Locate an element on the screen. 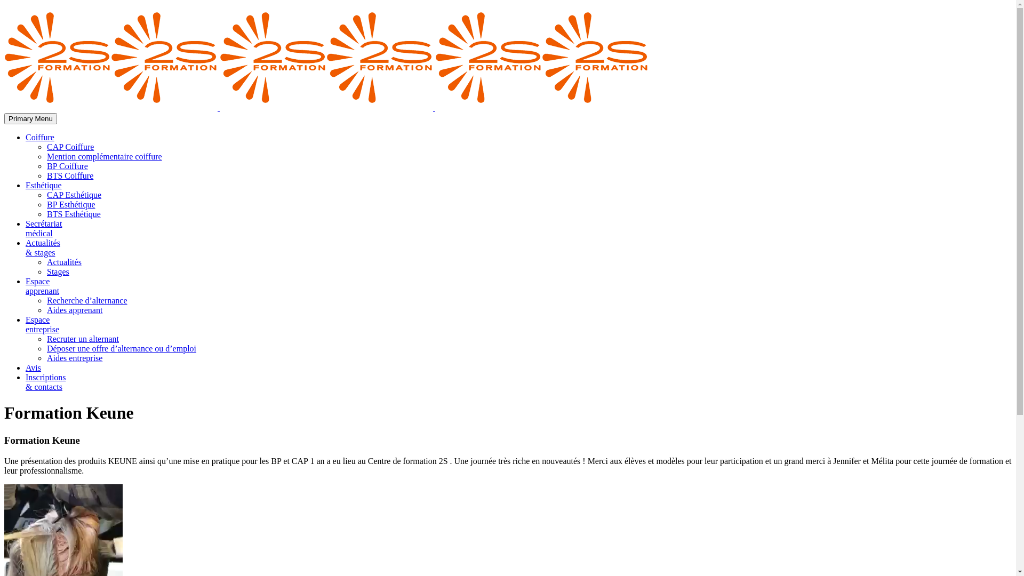 The width and height of the screenshot is (1024, 576). 'Inscriptions is located at coordinates (45, 381).